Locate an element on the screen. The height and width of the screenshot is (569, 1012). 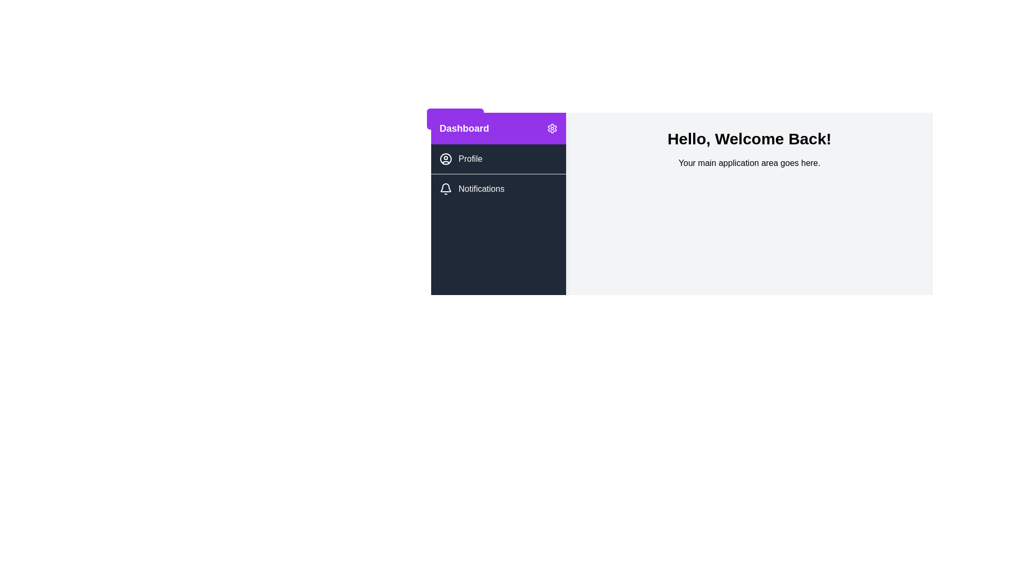
the associated menu option for the user-profile icon represented by the outer circular graphical element in the SVG image located in the sidebar menu is located at coordinates (445, 159).